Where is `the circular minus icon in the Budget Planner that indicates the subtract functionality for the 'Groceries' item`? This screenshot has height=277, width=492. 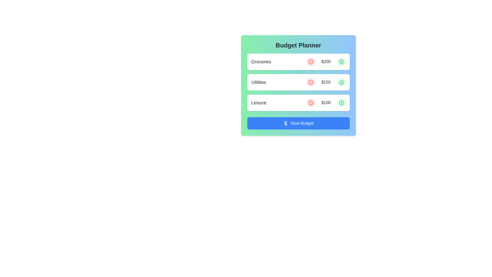
the circular minus icon in the Budget Planner that indicates the subtract functionality for the 'Groceries' item is located at coordinates (310, 61).